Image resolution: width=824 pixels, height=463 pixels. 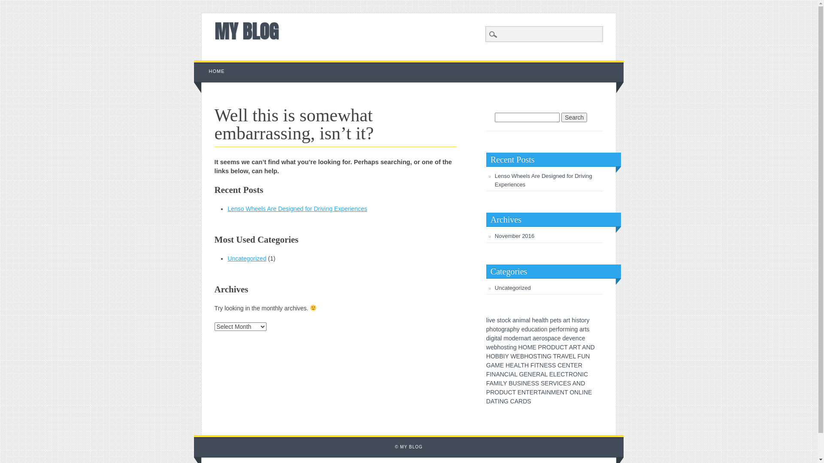 What do you see at coordinates (575, 347) in the screenshot?
I see `'R'` at bounding box center [575, 347].